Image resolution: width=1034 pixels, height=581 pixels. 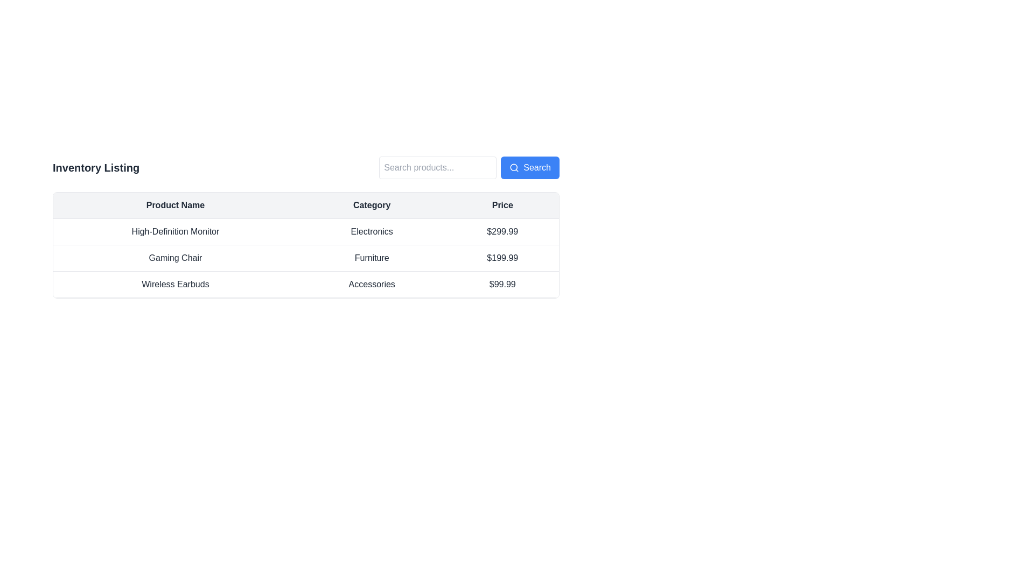 I want to click on the non-interactive text label indicating the category of the product in the second column of the first row, aligned with 'High-Definition Monitor' and '$299.99', so click(x=372, y=231).